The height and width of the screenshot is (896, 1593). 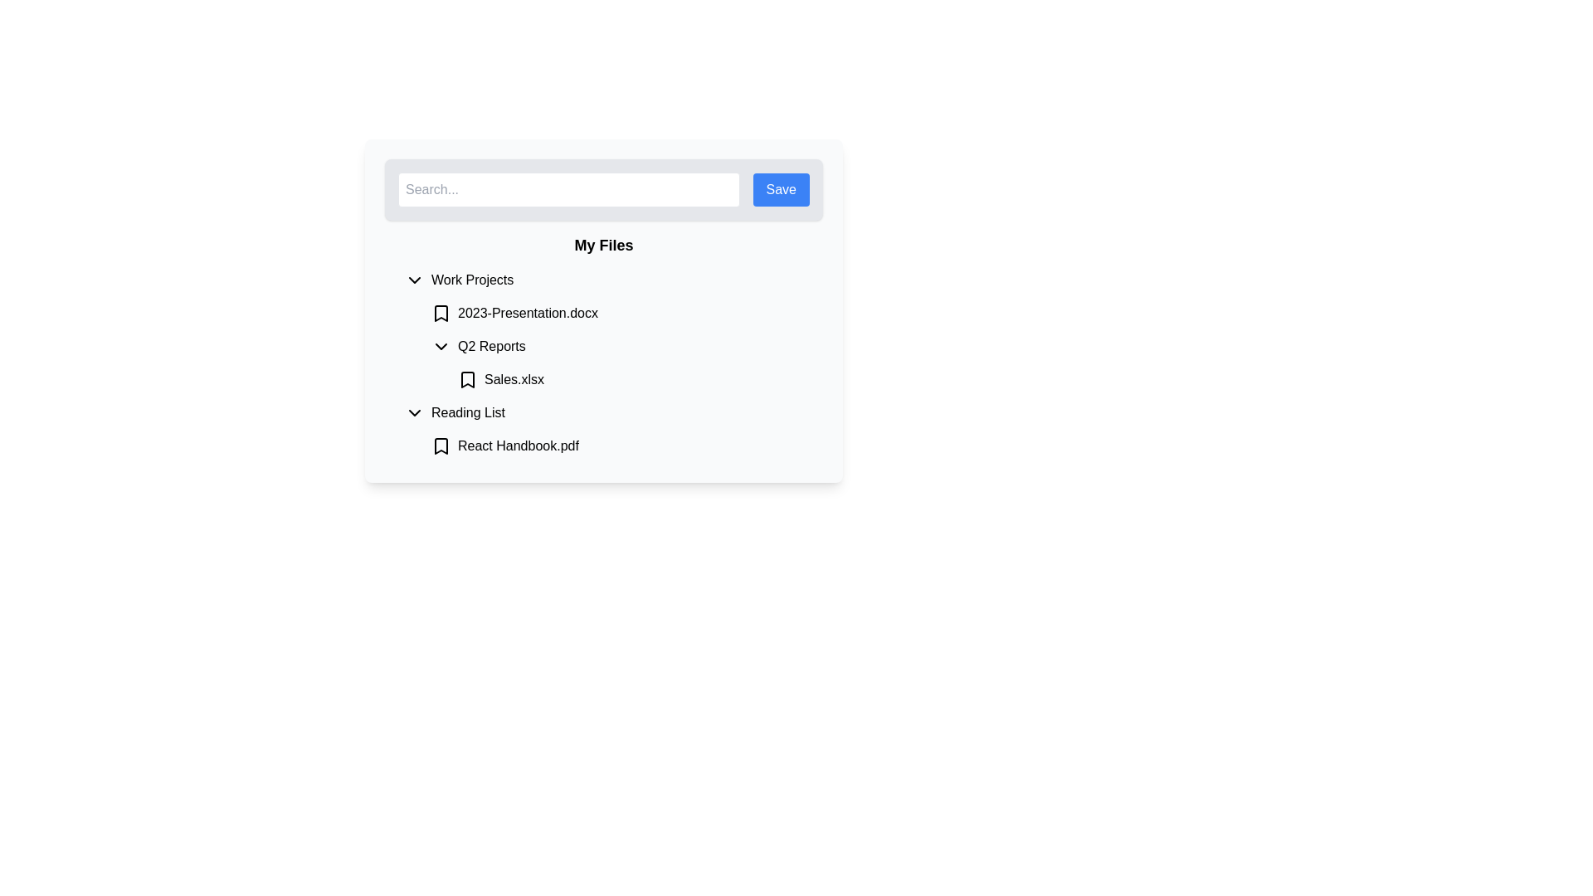 What do you see at coordinates (467, 411) in the screenshot?
I see `the text label indicating a category or folder located below the 'Q2 Reports' folder and above the 'React Handbook.pdf' document in 'My Files'` at bounding box center [467, 411].